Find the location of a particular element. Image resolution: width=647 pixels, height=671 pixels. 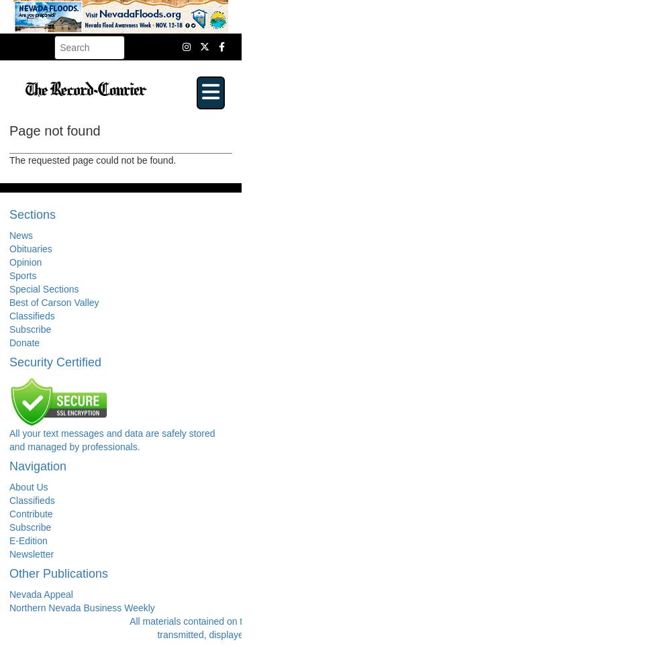

'All materials contained on this site are protected by United States copyright law and may not be reproduced, distributed, transmitted, displayed, published or broadcast without the prior written permission of Nevada News Group.' is located at coordinates (377, 627).